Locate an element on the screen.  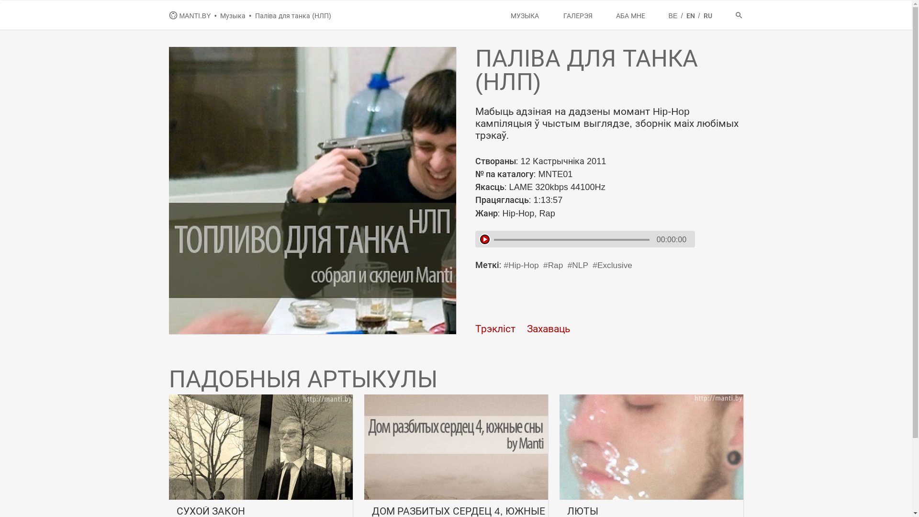
'Exclusive' is located at coordinates (612, 265).